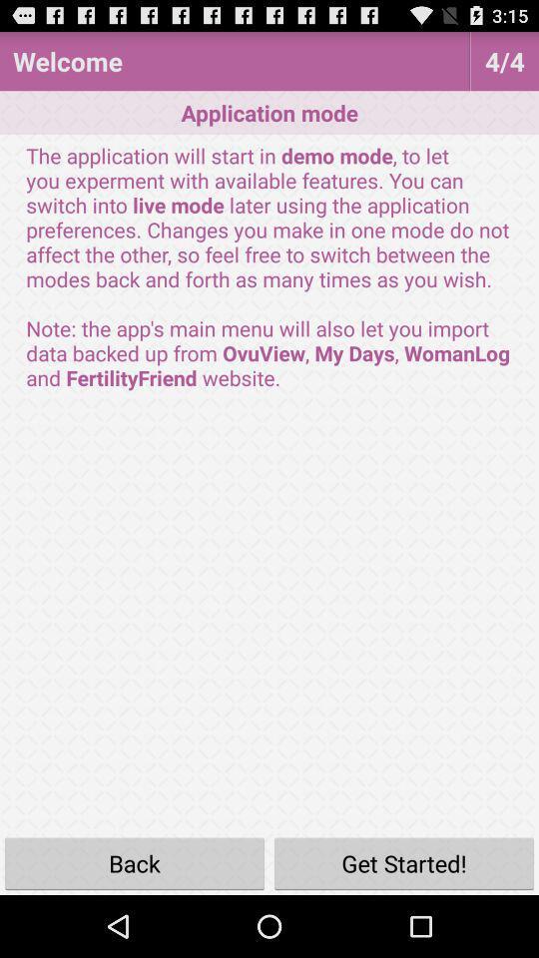 The image size is (539, 958). I want to click on button at the bottom right corner, so click(404, 862).